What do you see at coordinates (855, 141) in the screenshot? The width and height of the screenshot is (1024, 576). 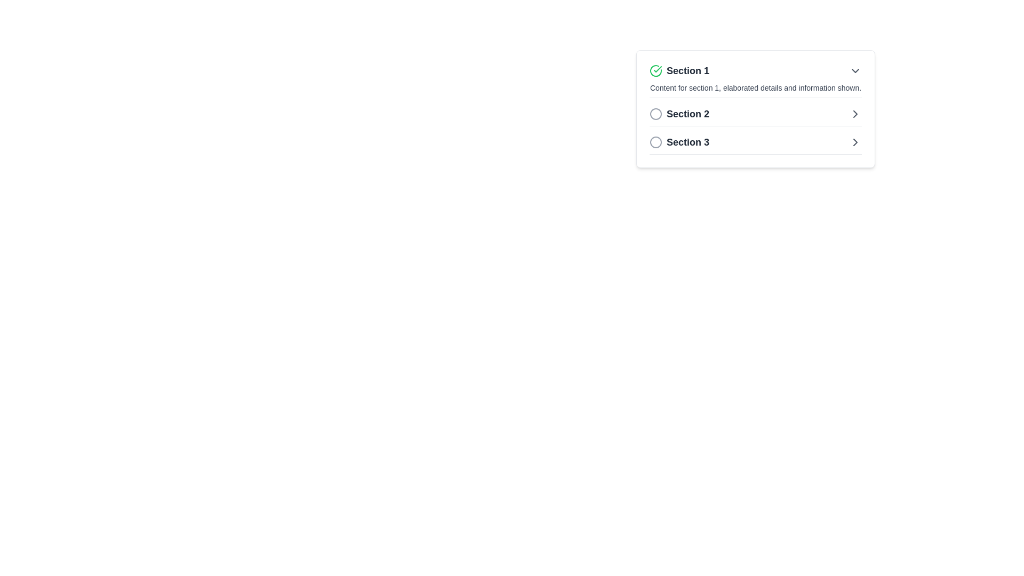 I see `the rightward-pointing chevron icon, which is gray and located to the right of the 'Section 3' row` at bounding box center [855, 141].